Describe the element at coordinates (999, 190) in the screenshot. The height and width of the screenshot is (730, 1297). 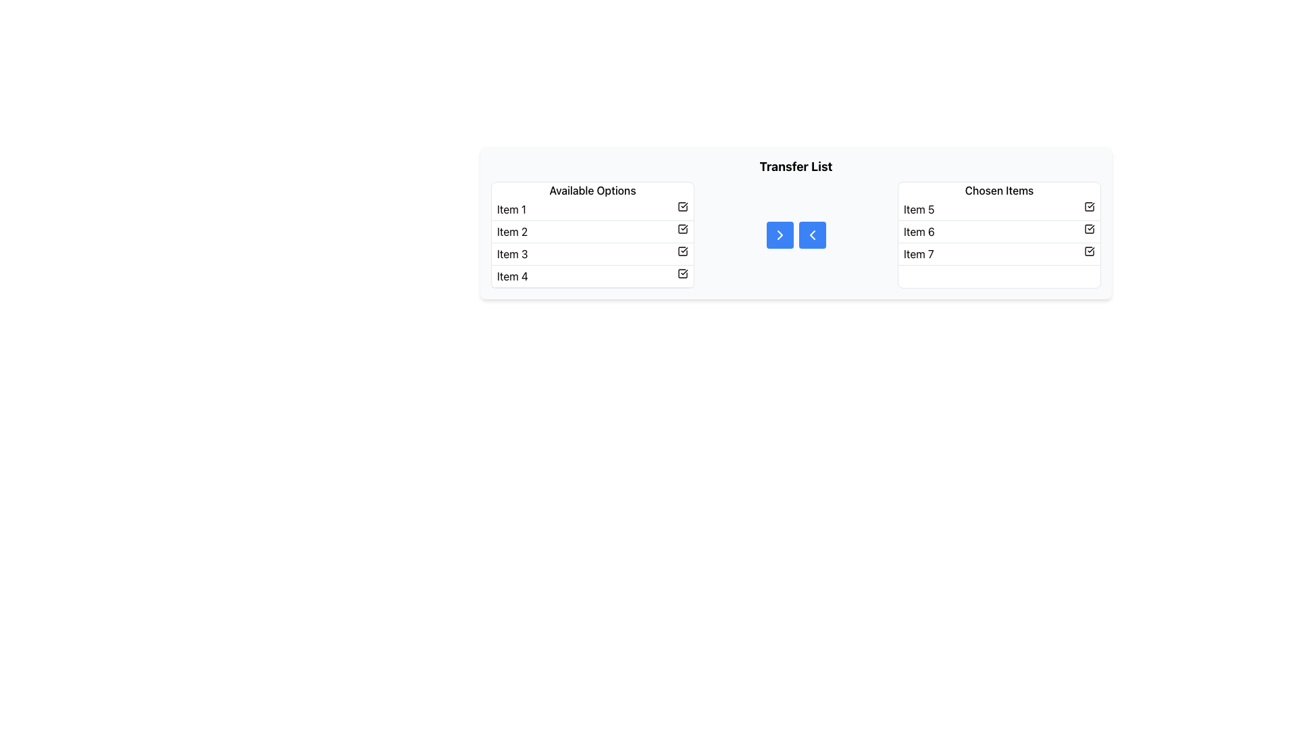
I see `the Text Label that serves as the title or context for the list of items 'Item 5', 'Item 6', and 'Item 7', which is located in the rightmost bordered segment of the layout` at that location.